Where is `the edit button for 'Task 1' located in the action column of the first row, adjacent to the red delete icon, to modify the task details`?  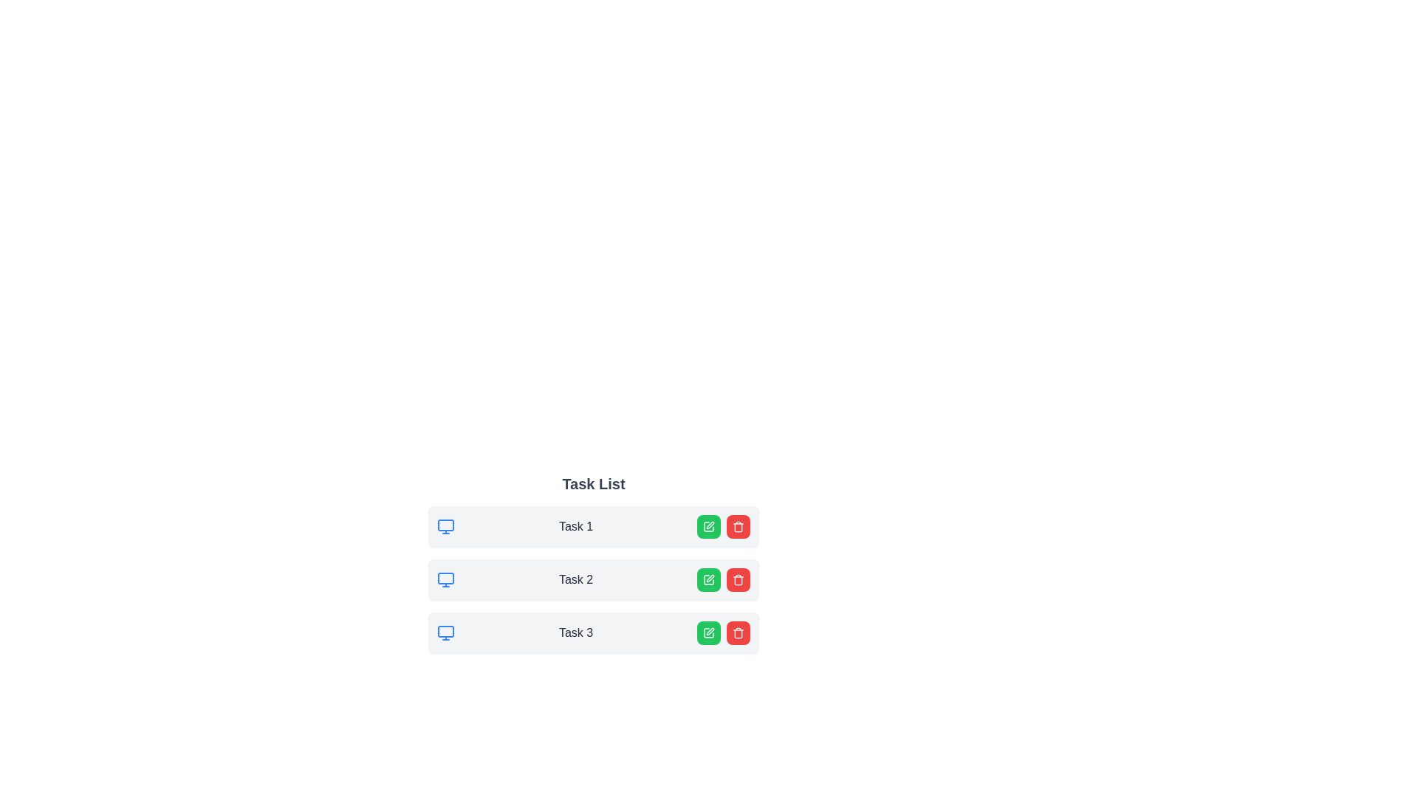
the edit button for 'Task 1' located in the action column of the first row, adjacent to the red delete icon, to modify the task details is located at coordinates (709, 525).